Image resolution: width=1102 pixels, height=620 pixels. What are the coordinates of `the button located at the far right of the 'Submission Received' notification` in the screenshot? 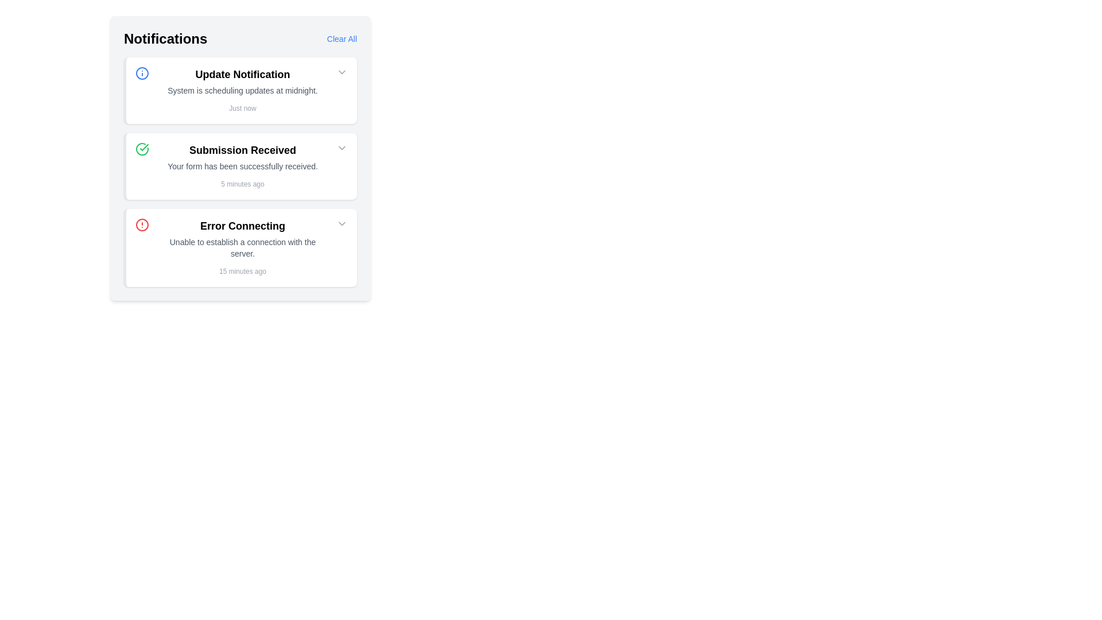 It's located at (341, 148).